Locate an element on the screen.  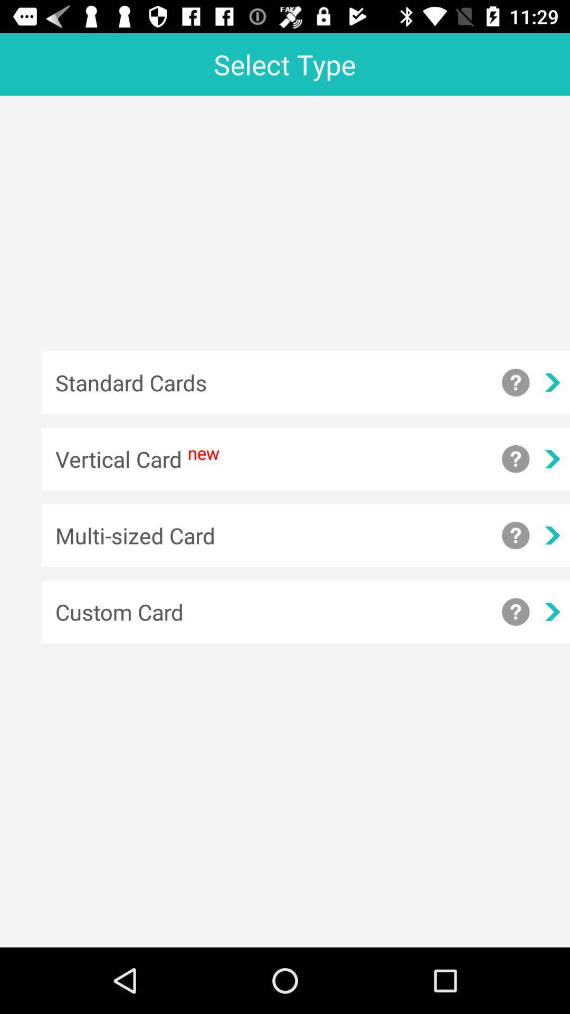
show questions is located at coordinates (515, 459).